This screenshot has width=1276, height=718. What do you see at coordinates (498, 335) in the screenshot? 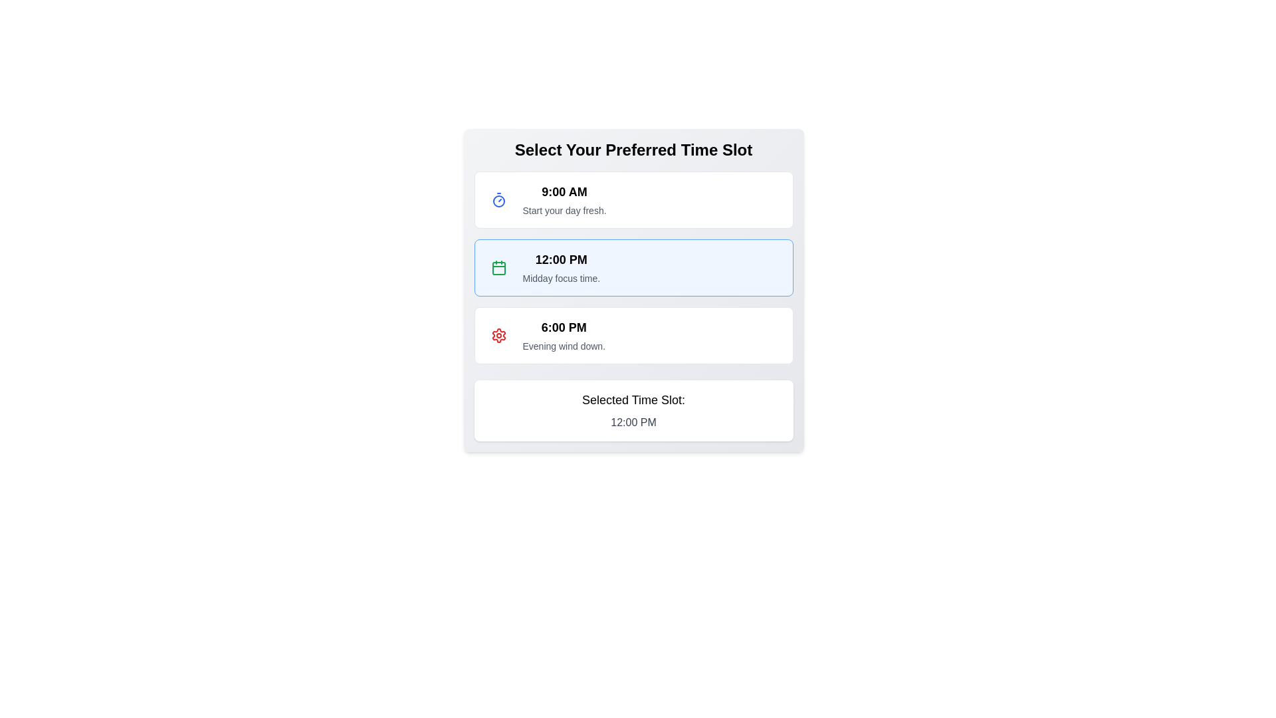
I see `the red gear-shaped icon in the top-right section of the user interface` at bounding box center [498, 335].